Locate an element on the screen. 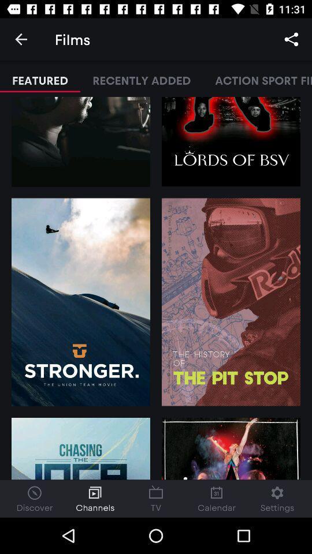 The width and height of the screenshot is (312, 554). the icon to the left of the films is located at coordinates (21, 39).